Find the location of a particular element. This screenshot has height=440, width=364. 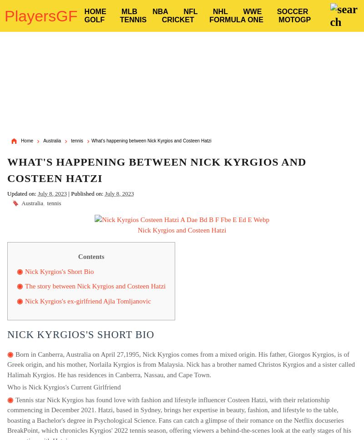

'Nick Kyrgios and Costeen Hatzi' is located at coordinates (181, 229).